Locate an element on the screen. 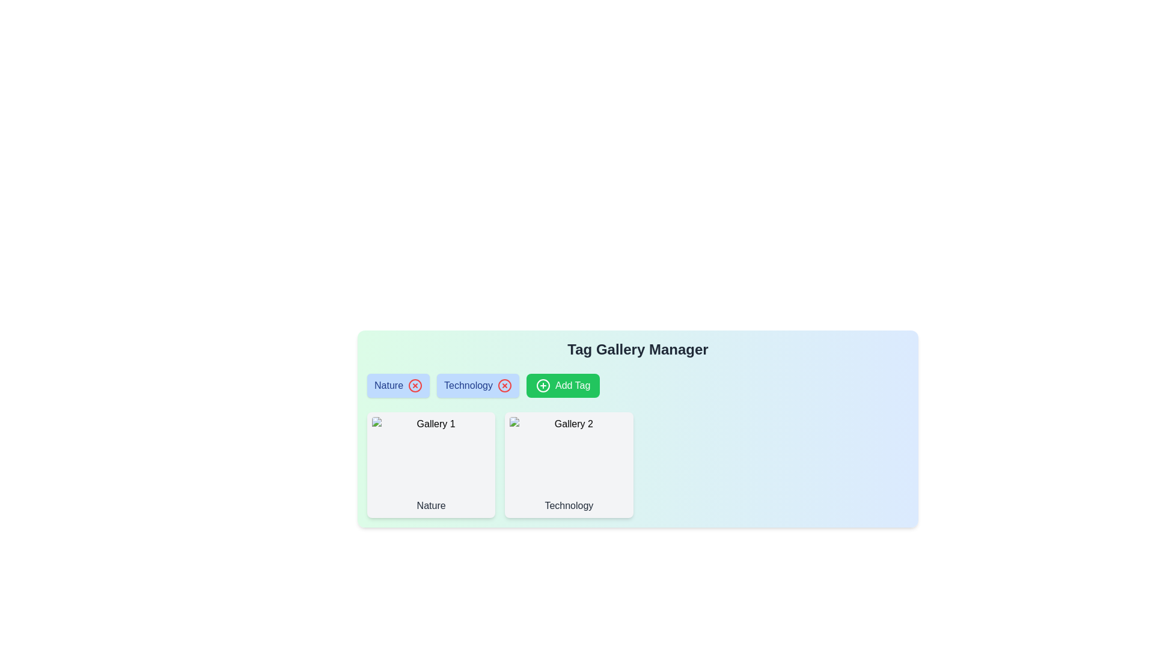 This screenshot has height=649, width=1154. the card labeled 'Technology' in the 'Tag Gallery Manager' section, which has a soft gray background and is the second card in the grid layout is located at coordinates (568, 465).